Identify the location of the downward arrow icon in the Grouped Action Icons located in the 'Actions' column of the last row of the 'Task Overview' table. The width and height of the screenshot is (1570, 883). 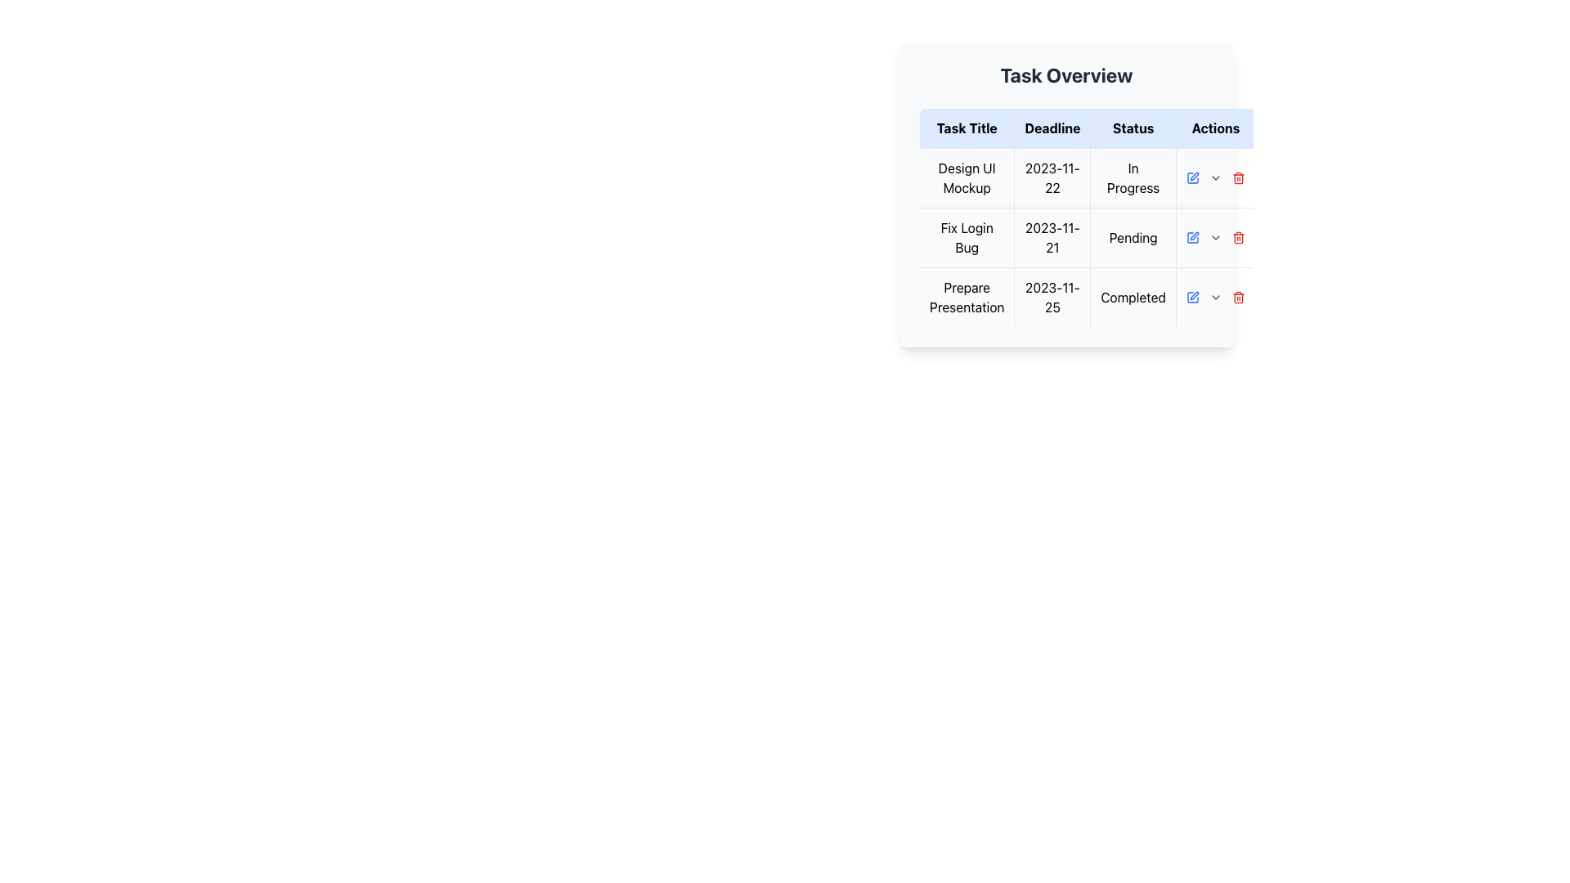
(1216, 297).